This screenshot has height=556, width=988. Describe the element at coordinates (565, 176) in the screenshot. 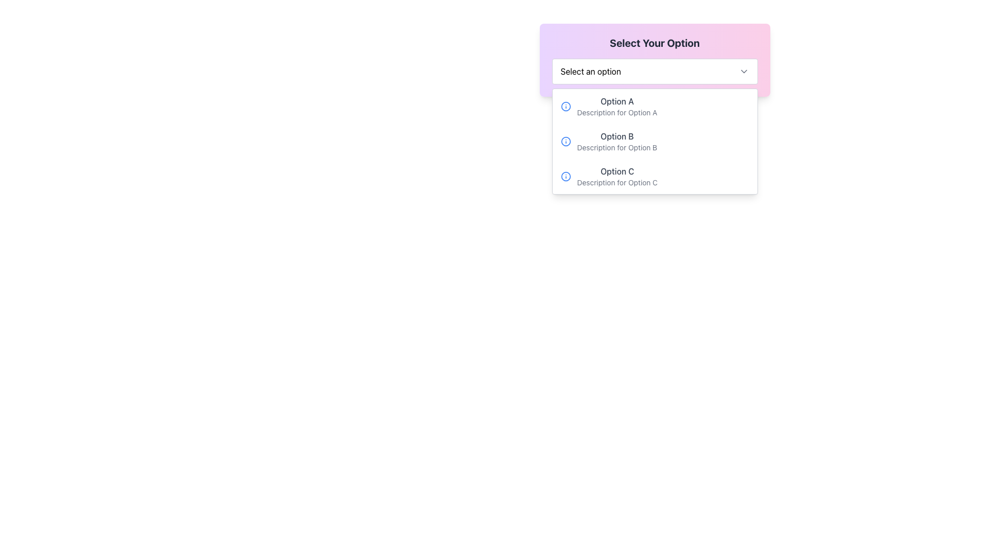

I see `the information icon located to the left of 'Option C'` at that location.